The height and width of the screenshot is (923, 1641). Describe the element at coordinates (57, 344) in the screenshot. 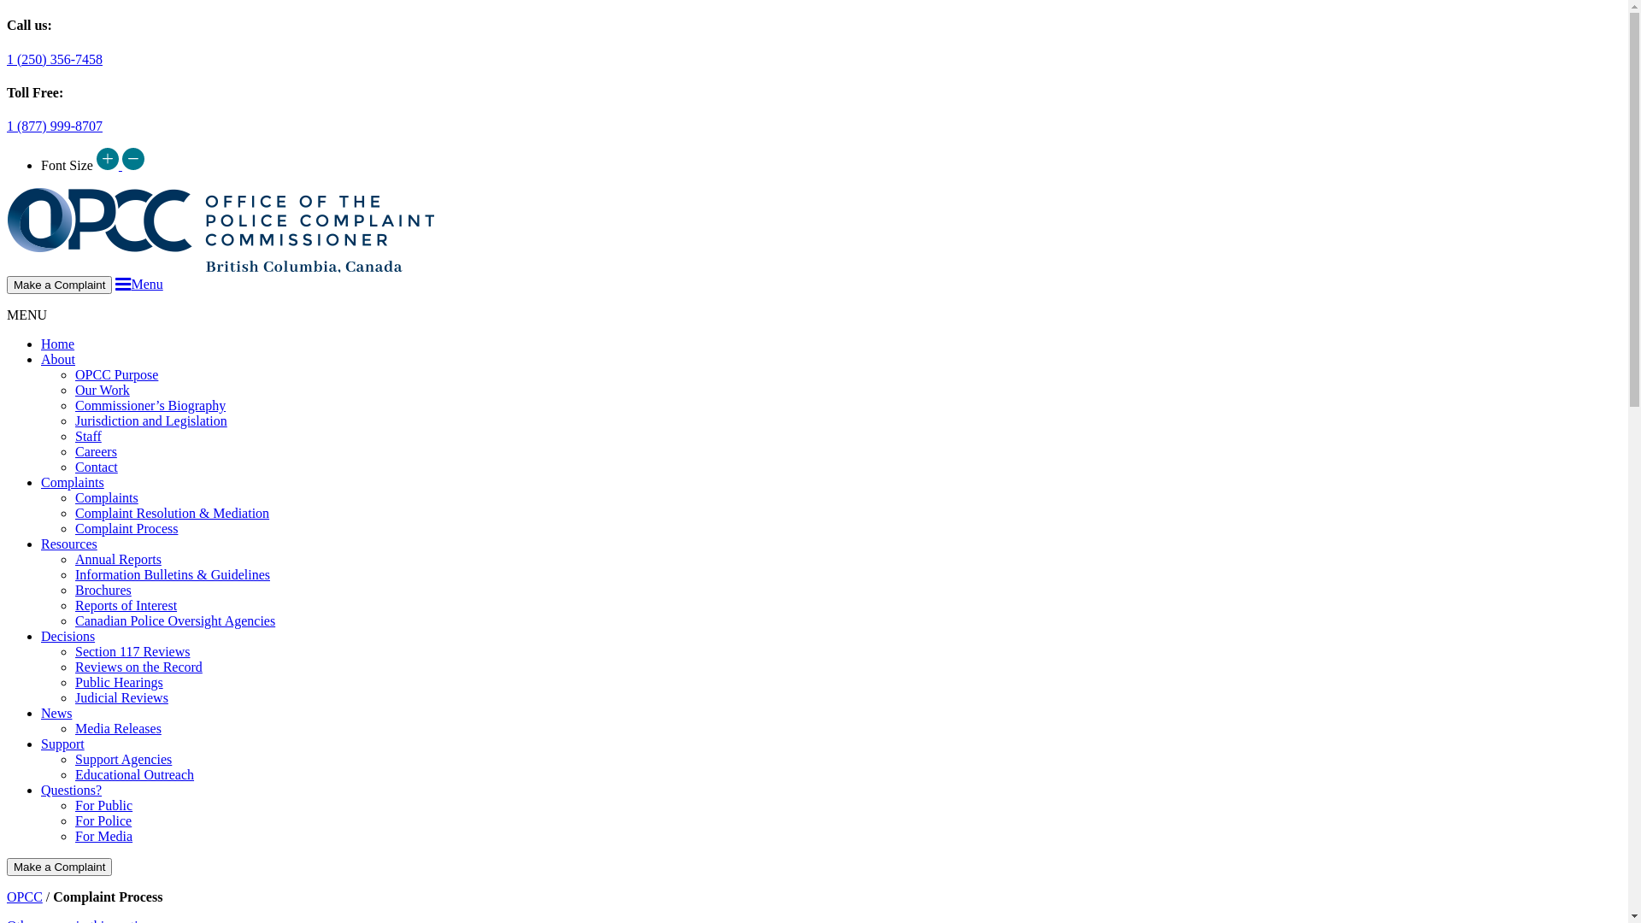

I see `'Home'` at that location.